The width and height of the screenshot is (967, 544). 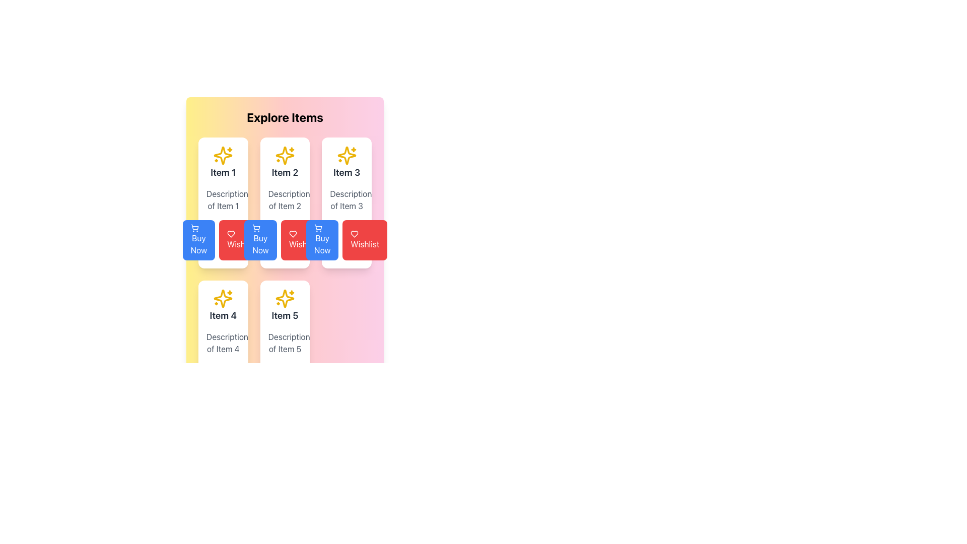 I want to click on the textual label that reads 'Description of Item 2', which is styled in gray and positioned under the title 'Item 2', so click(x=285, y=200).